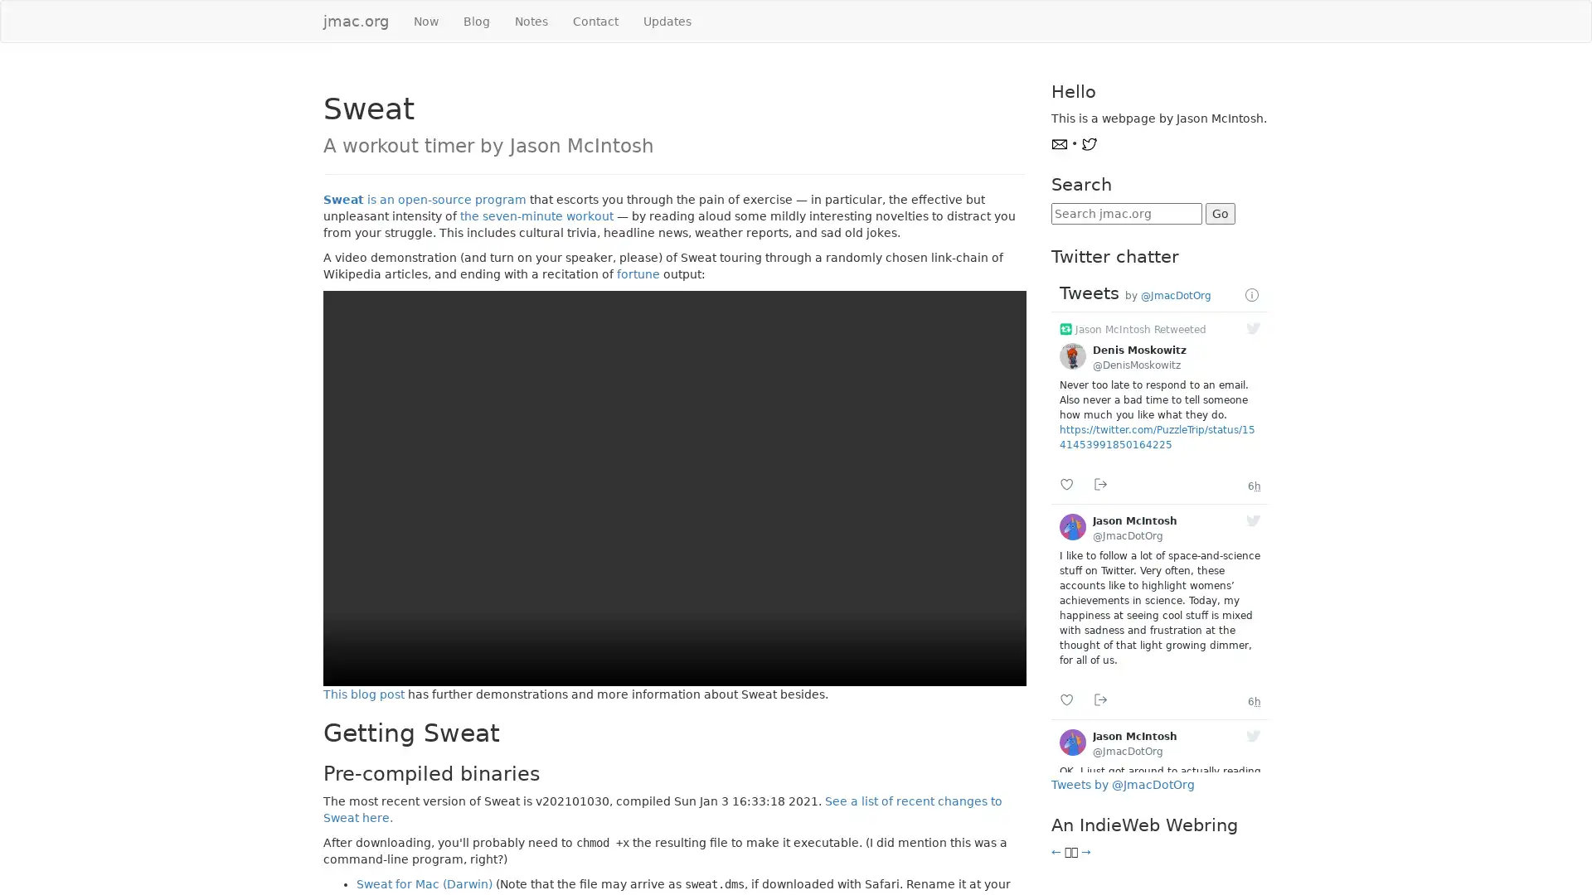  Describe the element at coordinates (1219, 213) in the screenshot. I see `Go` at that location.